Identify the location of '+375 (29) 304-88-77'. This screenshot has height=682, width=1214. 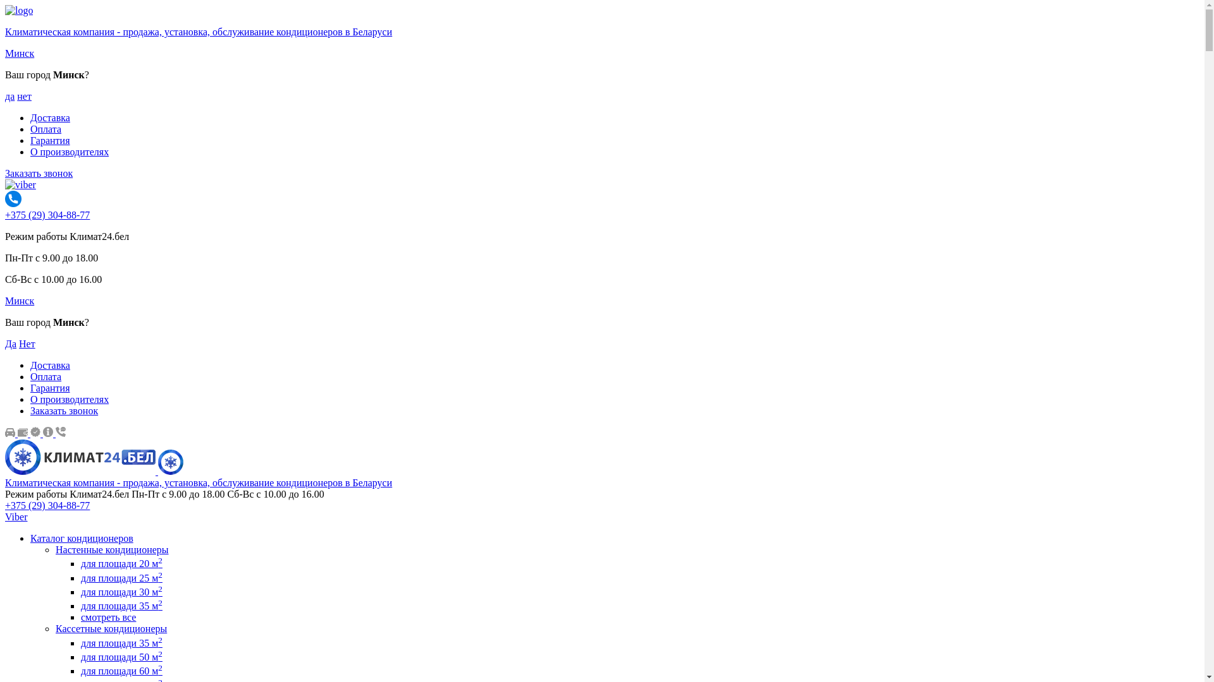
(5, 214).